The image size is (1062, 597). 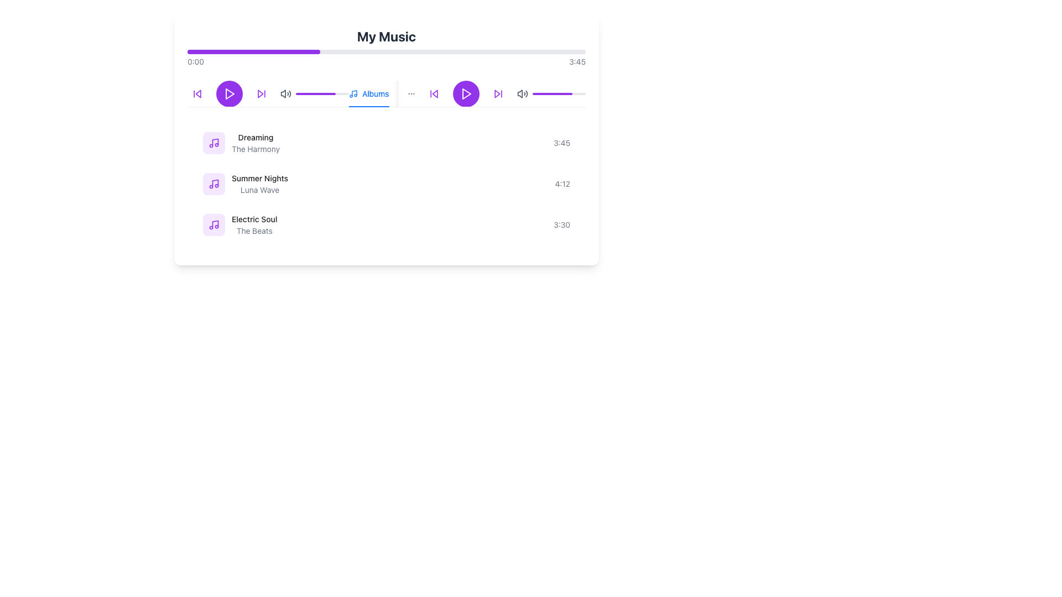 What do you see at coordinates (315, 93) in the screenshot?
I see `the purple progress indicator bar, which fills three-fourths of the light gray progress bar located under the audio controls section of the music player interface` at bounding box center [315, 93].